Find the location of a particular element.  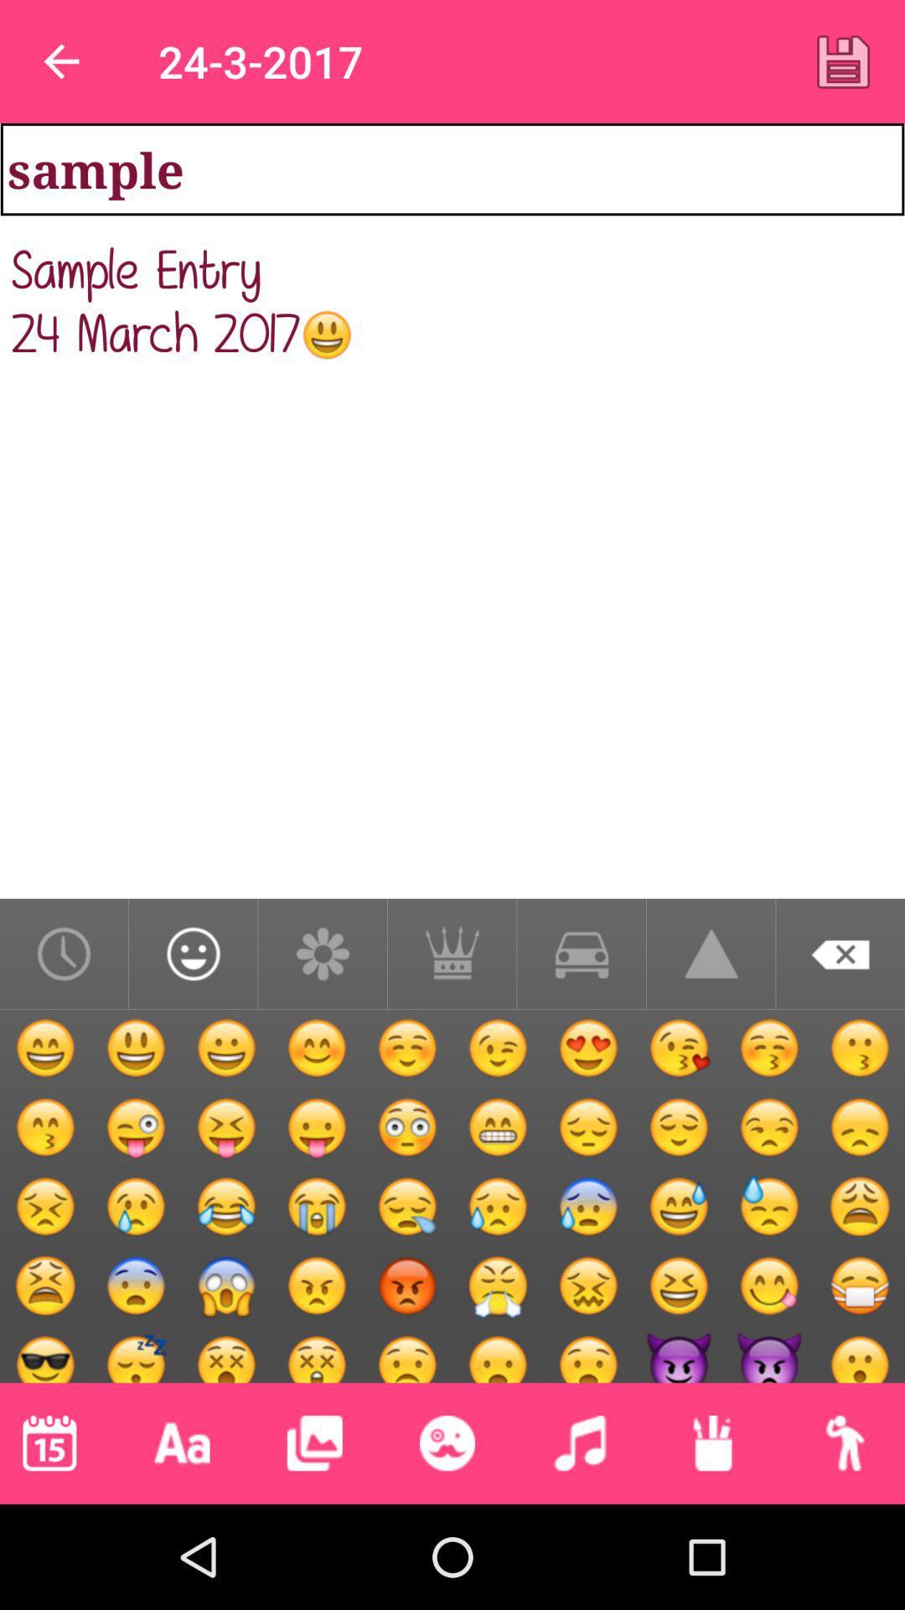

the emoji icon is located at coordinates (46, 1335).